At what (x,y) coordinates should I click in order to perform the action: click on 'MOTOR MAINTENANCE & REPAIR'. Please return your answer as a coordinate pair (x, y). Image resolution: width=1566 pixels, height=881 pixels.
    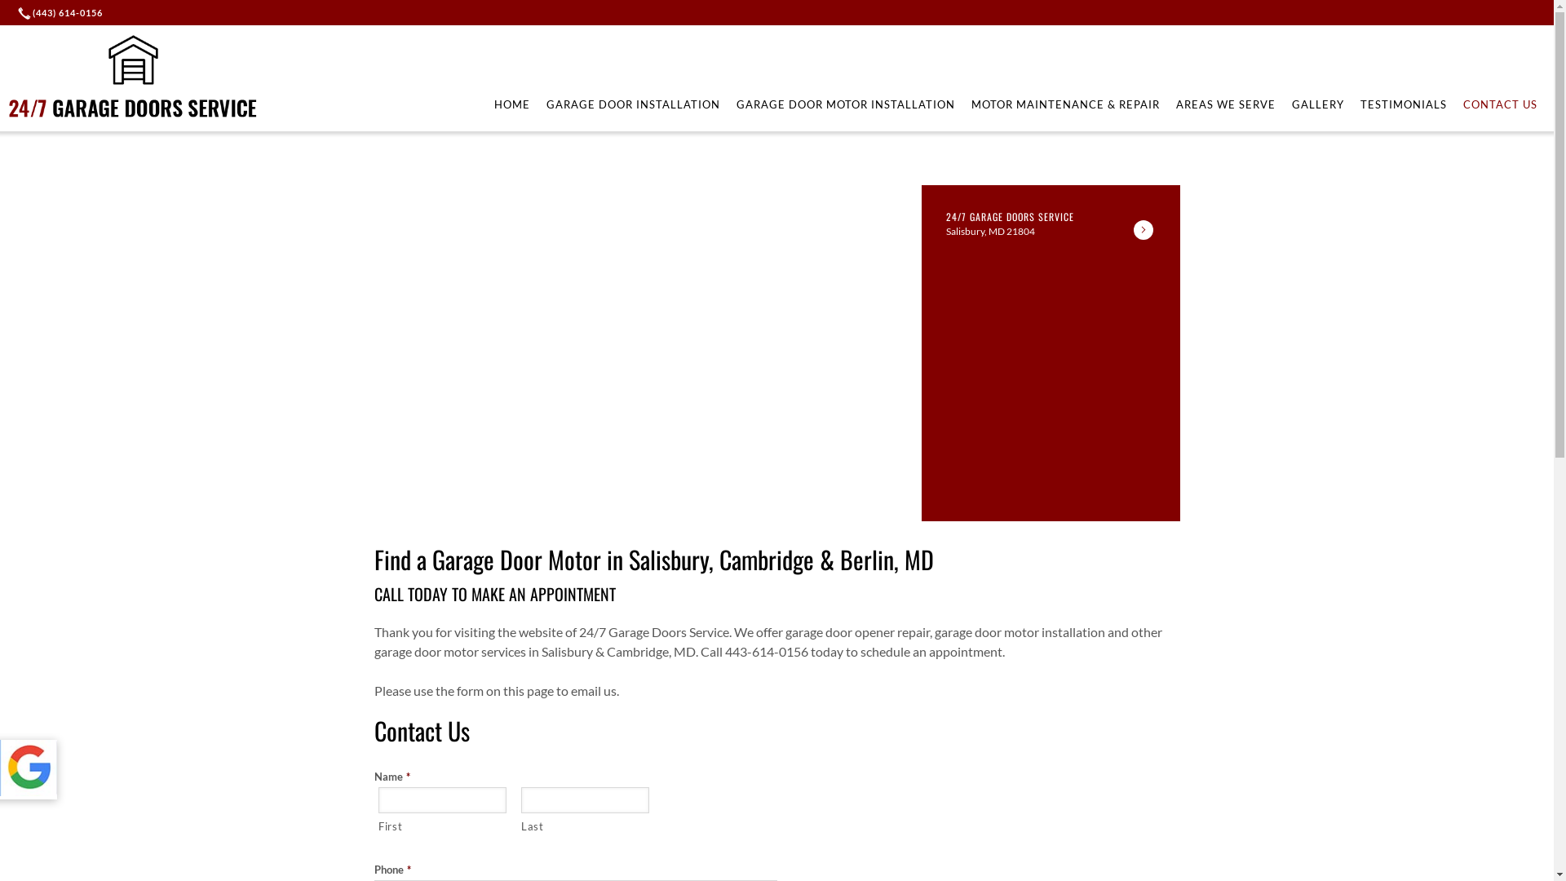
    Looking at the image, I should click on (1065, 104).